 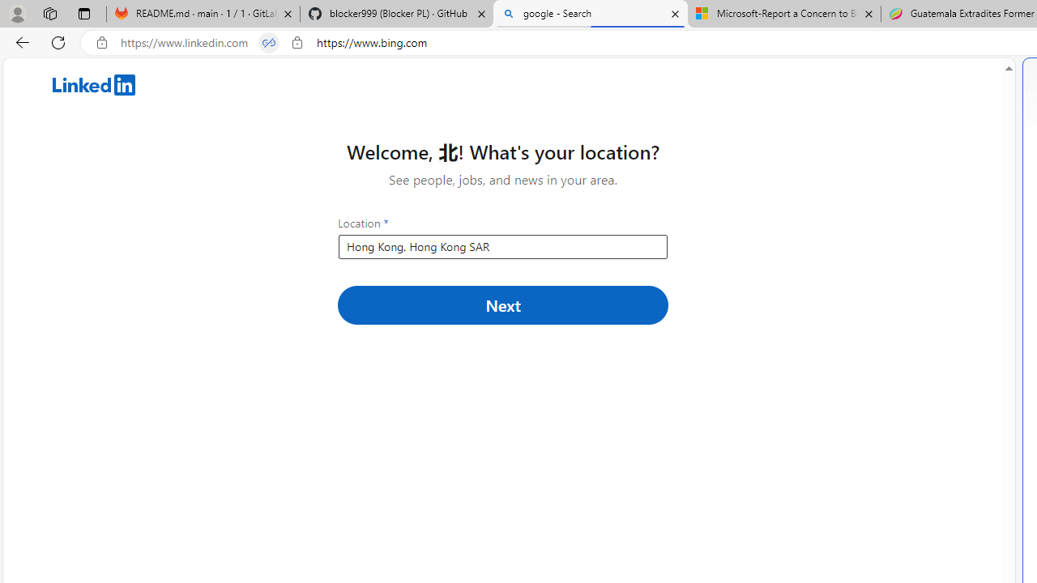 What do you see at coordinates (269, 42) in the screenshot?
I see `'Tabs in split screen'` at bounding box center [269, 42].